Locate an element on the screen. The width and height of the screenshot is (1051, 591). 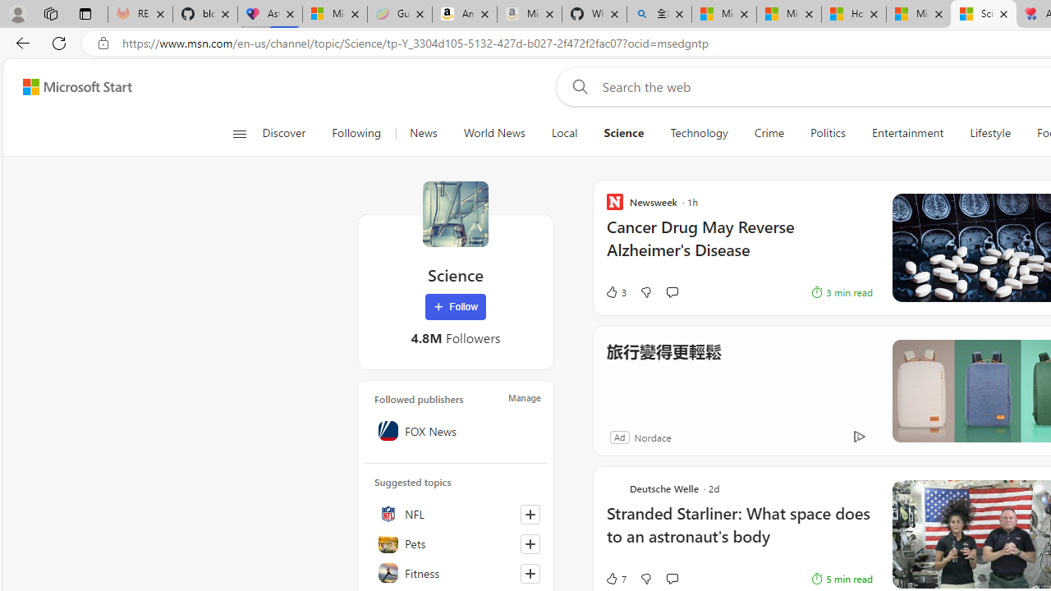
'NFL' is located at coordinates (456, 513).